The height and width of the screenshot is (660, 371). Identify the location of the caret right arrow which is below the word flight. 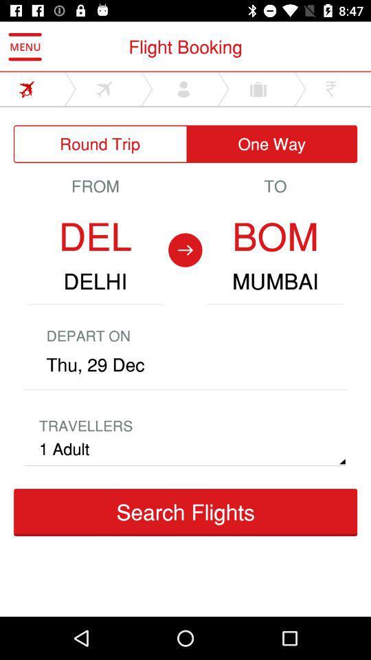
(146, 88).